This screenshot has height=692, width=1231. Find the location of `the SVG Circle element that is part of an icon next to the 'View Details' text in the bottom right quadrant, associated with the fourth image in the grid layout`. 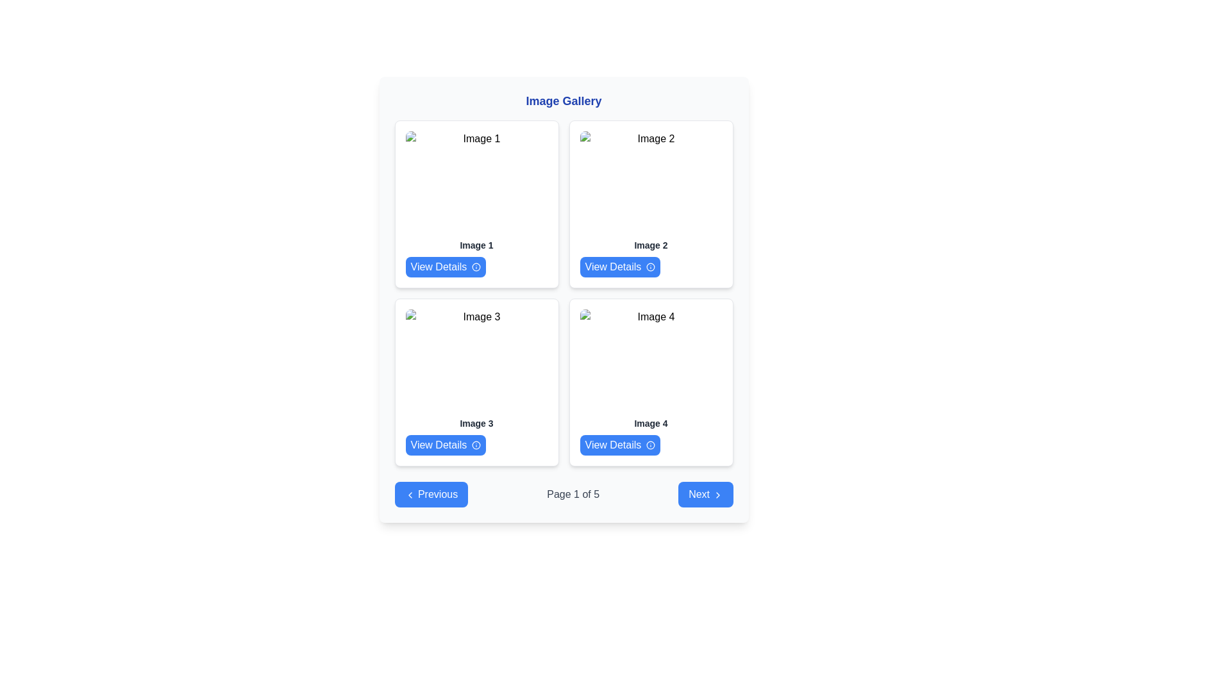

the SVG Circle element that is part of an icon next to the 'View Details' text in the bottom right quadrant, associated with the fourth image in the grid layout is located at coordinates (651, 444).